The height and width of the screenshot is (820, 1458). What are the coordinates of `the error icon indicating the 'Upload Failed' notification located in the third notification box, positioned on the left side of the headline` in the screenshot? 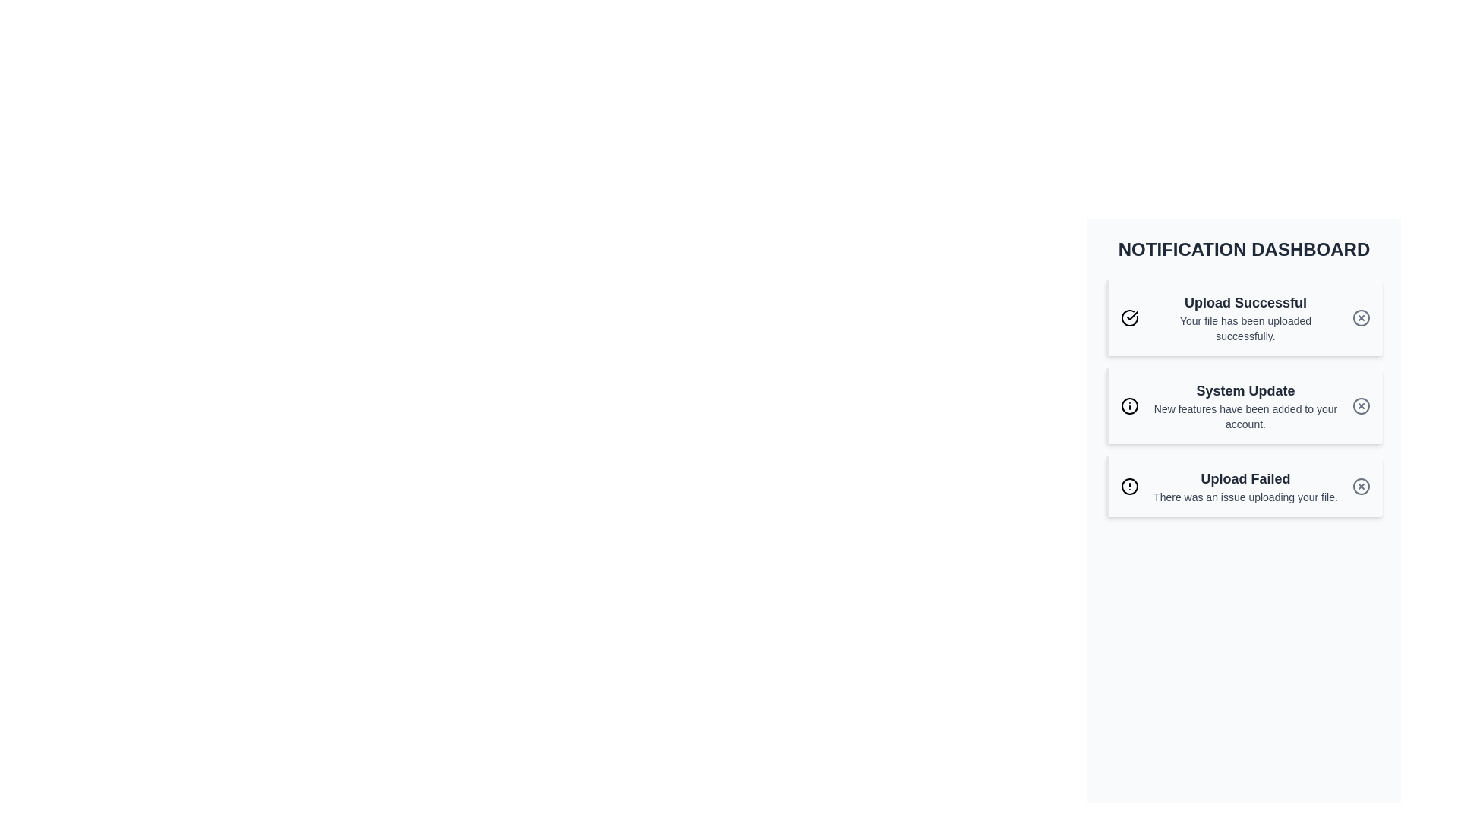 It's located at (1130, 486).